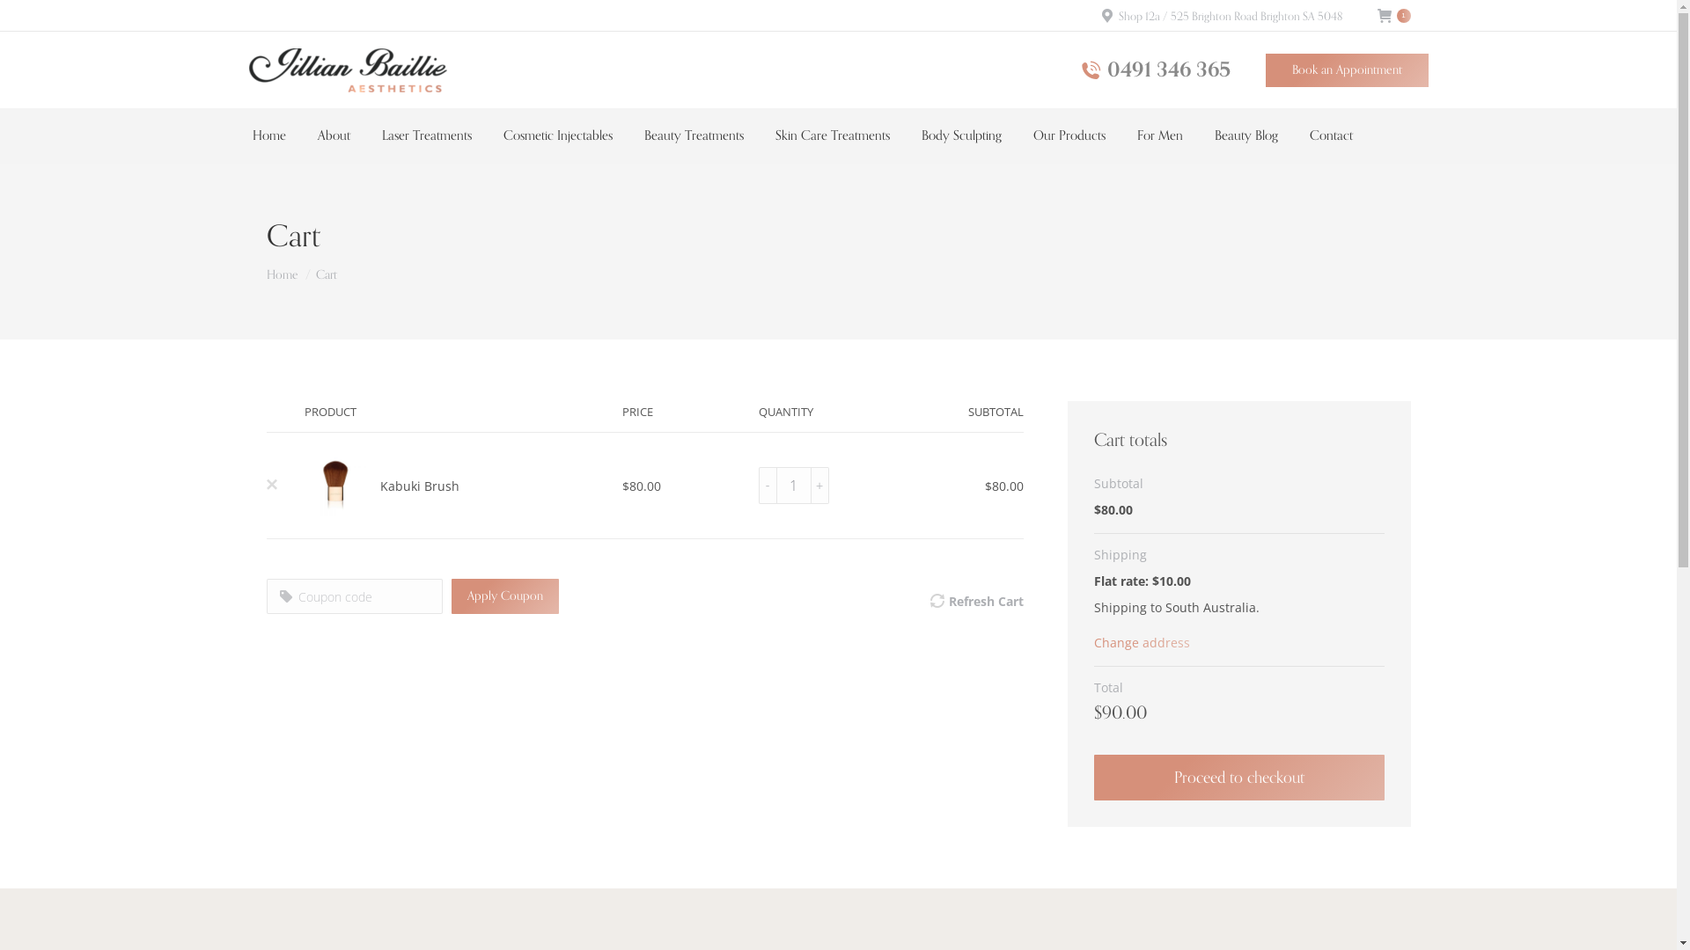  I want to click on 'Body Sculpting', so click(959, 135).